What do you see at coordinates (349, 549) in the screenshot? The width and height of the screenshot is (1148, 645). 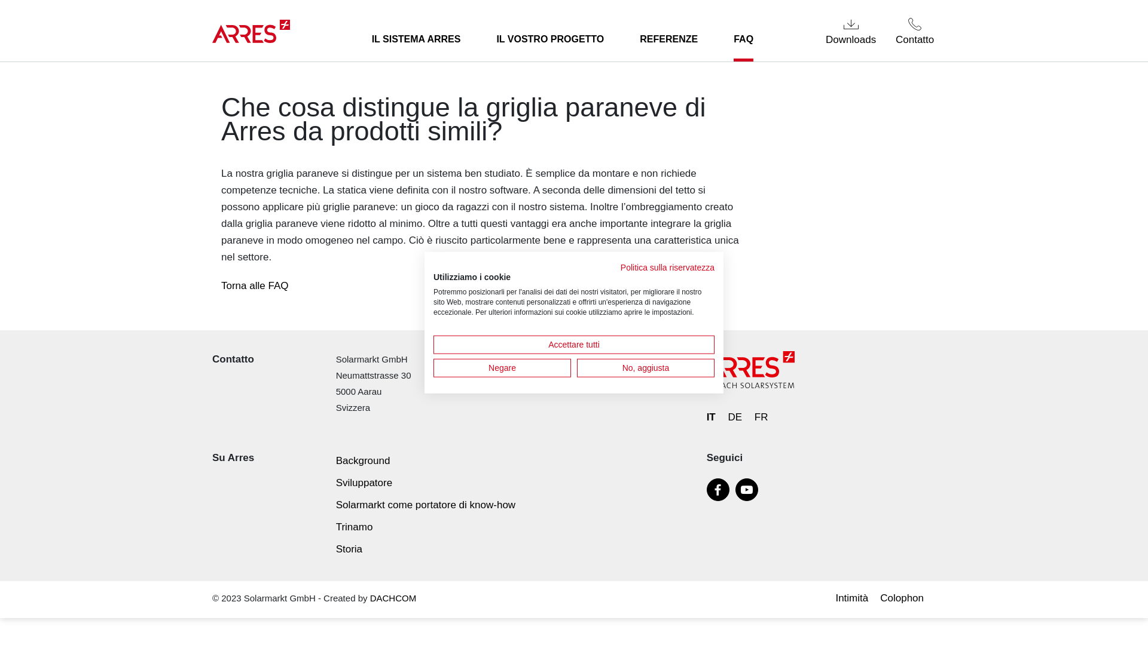 I see `'Storia'` at bounding box center [349, 549].